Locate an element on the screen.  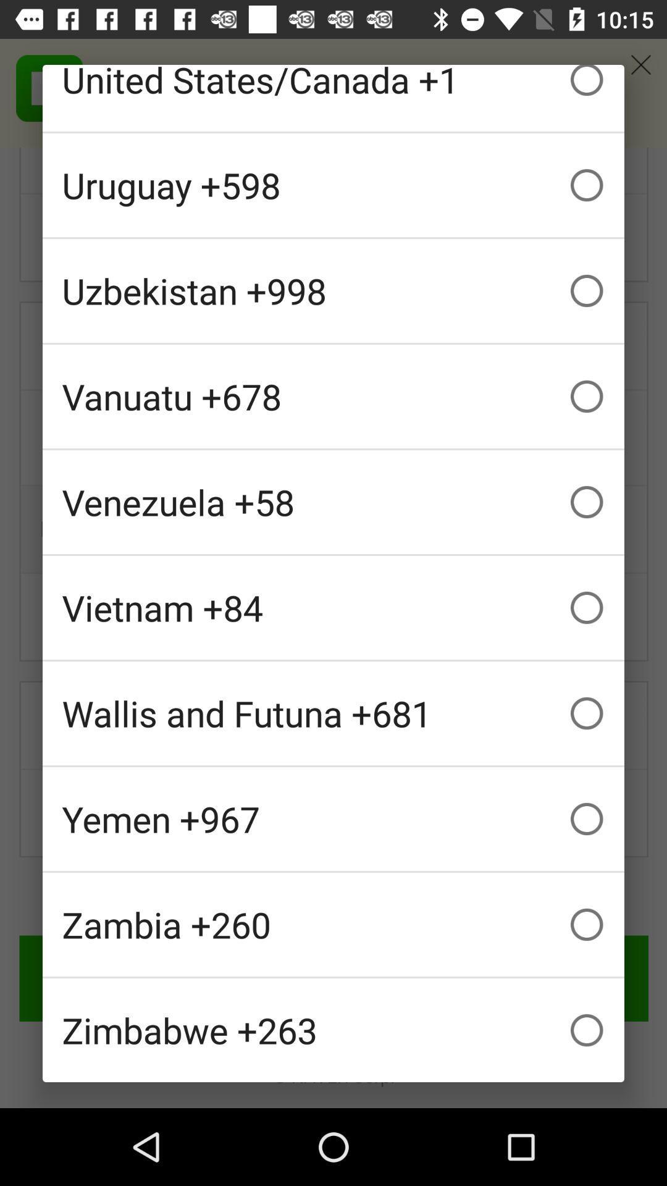
the icon below the united states canada checkbox is located at coordinates (333, 184).